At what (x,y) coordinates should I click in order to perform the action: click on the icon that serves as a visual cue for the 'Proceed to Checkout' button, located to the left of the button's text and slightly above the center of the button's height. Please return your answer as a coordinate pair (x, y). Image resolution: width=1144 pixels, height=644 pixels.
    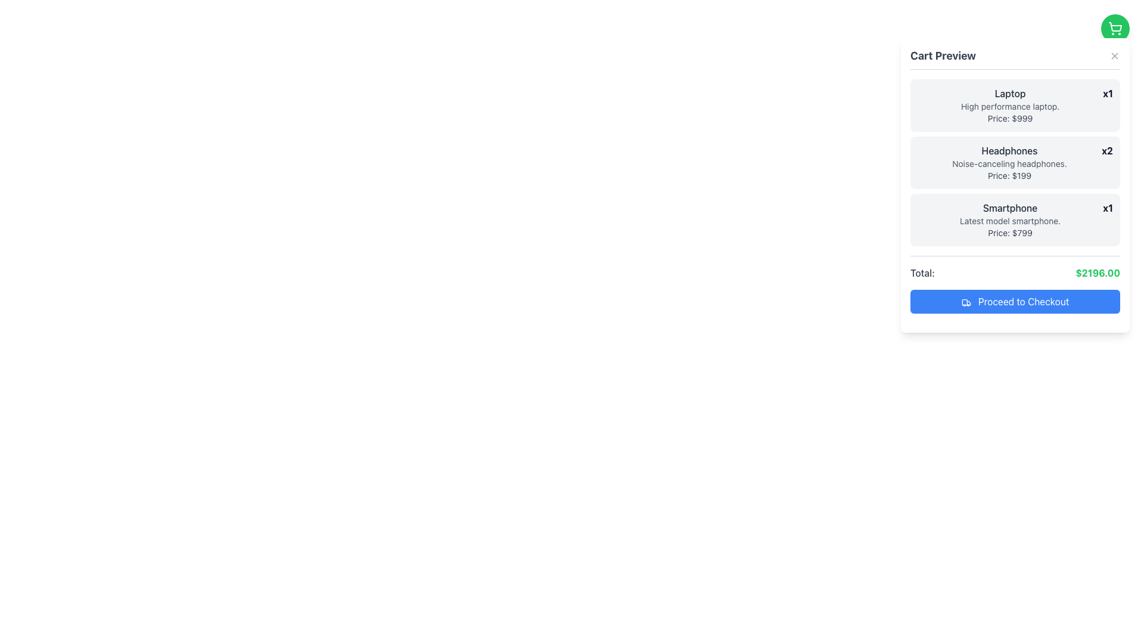
    Looking at the image, I should click on (966, 302).